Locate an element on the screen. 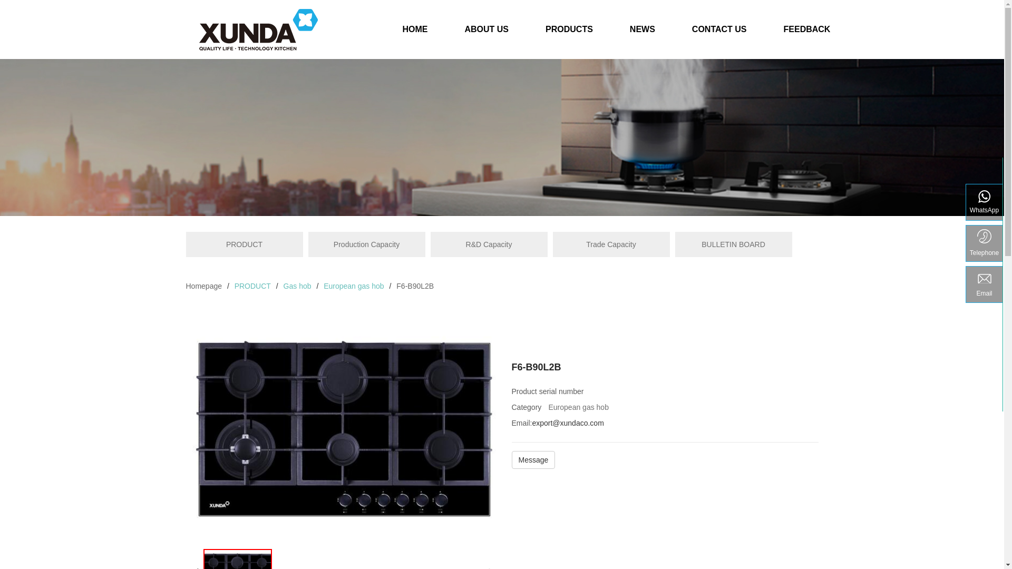 This screenshot has width=1012, height=569. 'Gas hob' is located at coordinates (297, 286).